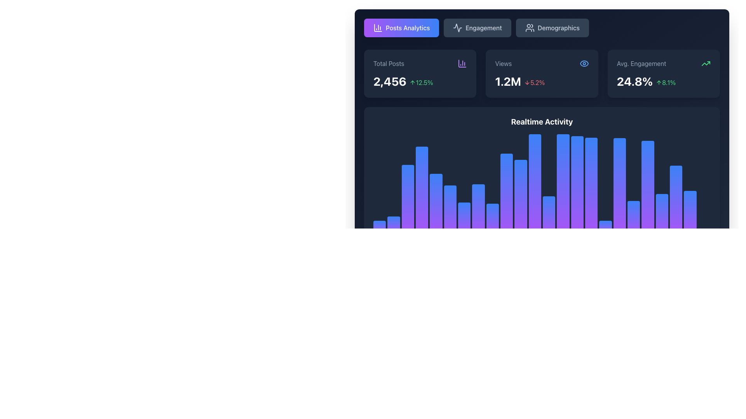  What do you see at coordinates (577, 209) in the screenshot?
I see `the 15th vertical gradient bar in the 'Realtime Activity' section of the dashboard, which transitions from purple at the bottom to blue at the top` at bounding box center [577, 209].